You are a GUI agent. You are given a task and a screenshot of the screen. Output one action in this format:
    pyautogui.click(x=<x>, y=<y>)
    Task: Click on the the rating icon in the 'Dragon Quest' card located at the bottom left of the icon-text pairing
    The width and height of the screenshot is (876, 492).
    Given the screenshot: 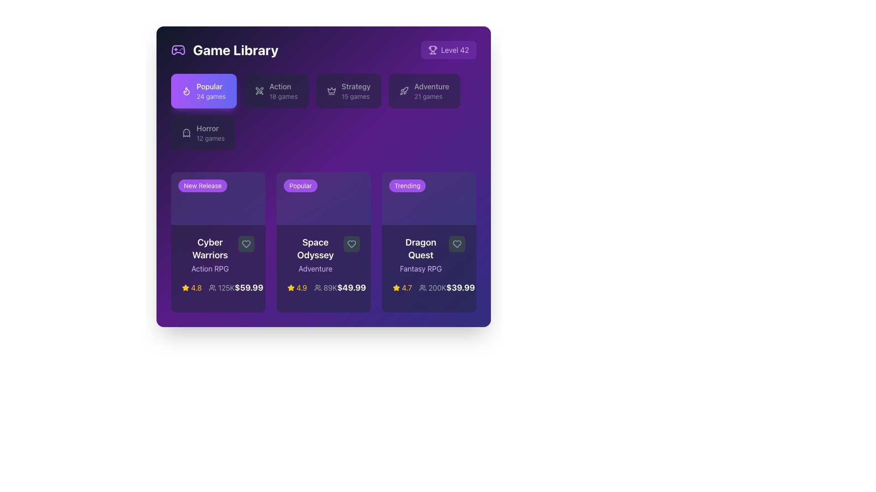 What is the action you would take?
    pyautogui.click(x=402, y=288)
    